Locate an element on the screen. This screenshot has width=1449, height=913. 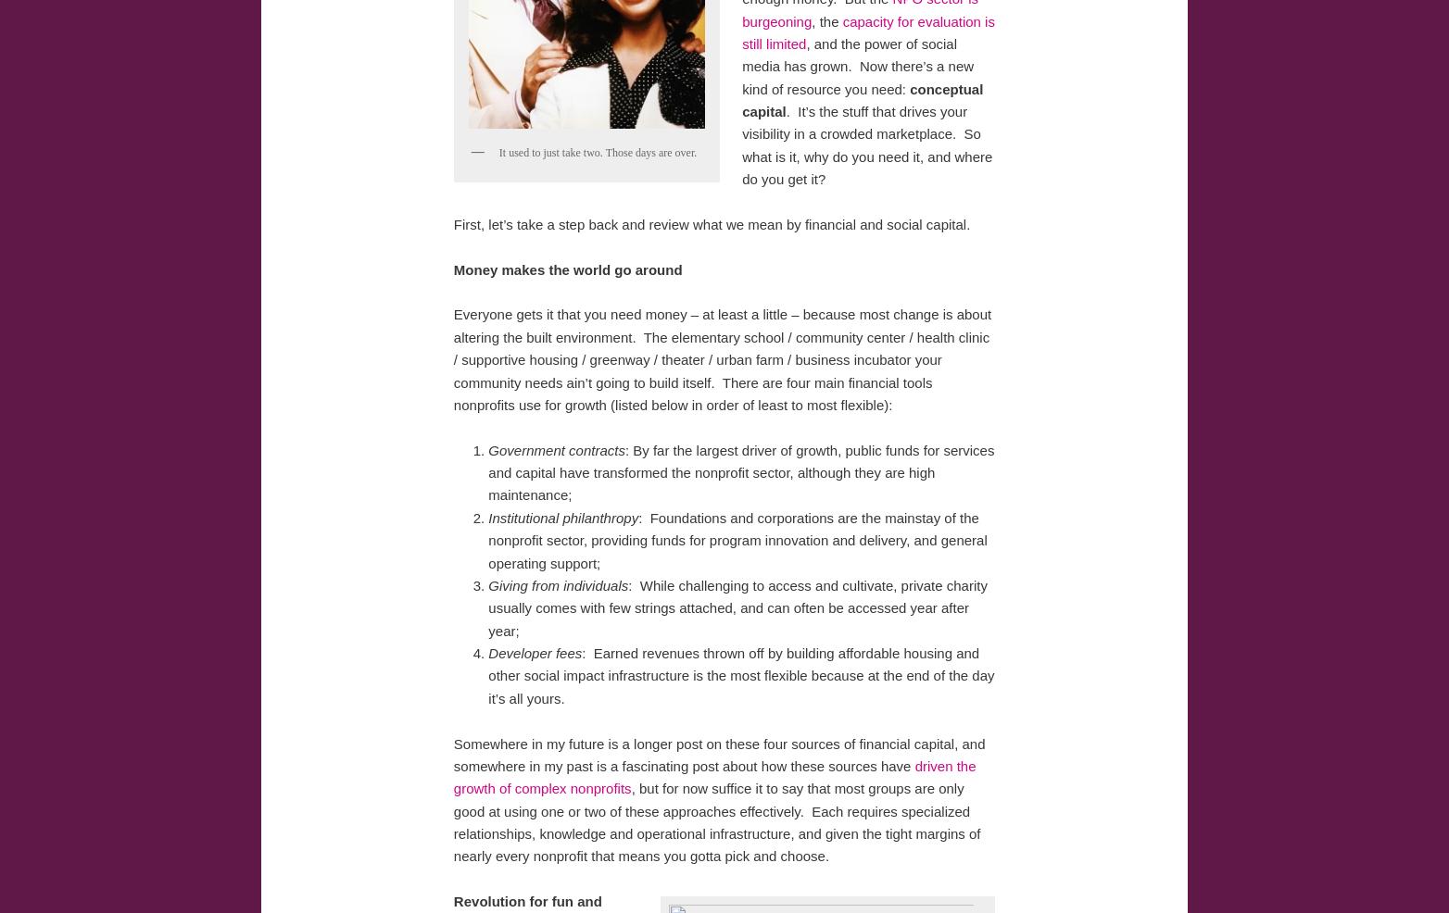
', the' is located at coordinates (811, 19).